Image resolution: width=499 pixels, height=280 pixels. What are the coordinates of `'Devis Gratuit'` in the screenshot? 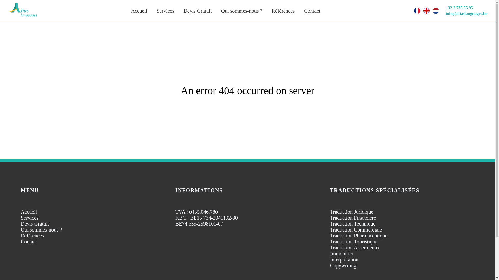 It's located at (35, 223).